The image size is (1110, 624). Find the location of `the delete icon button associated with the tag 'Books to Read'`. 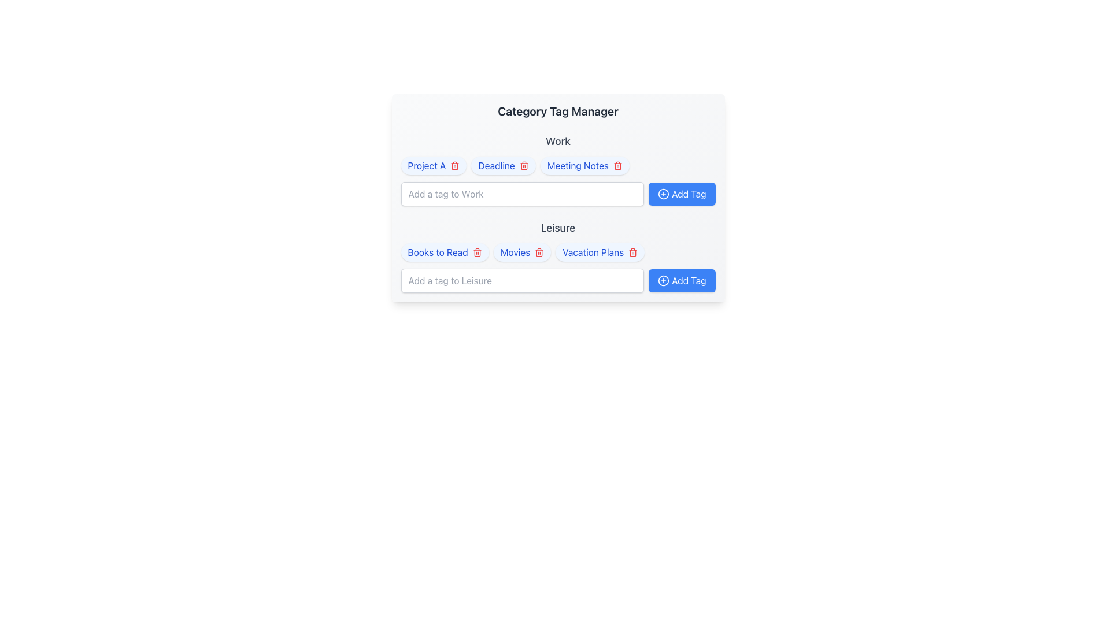

the delete icon button associated with the tag 'Books to Read' is located at coordinates (477, 251).